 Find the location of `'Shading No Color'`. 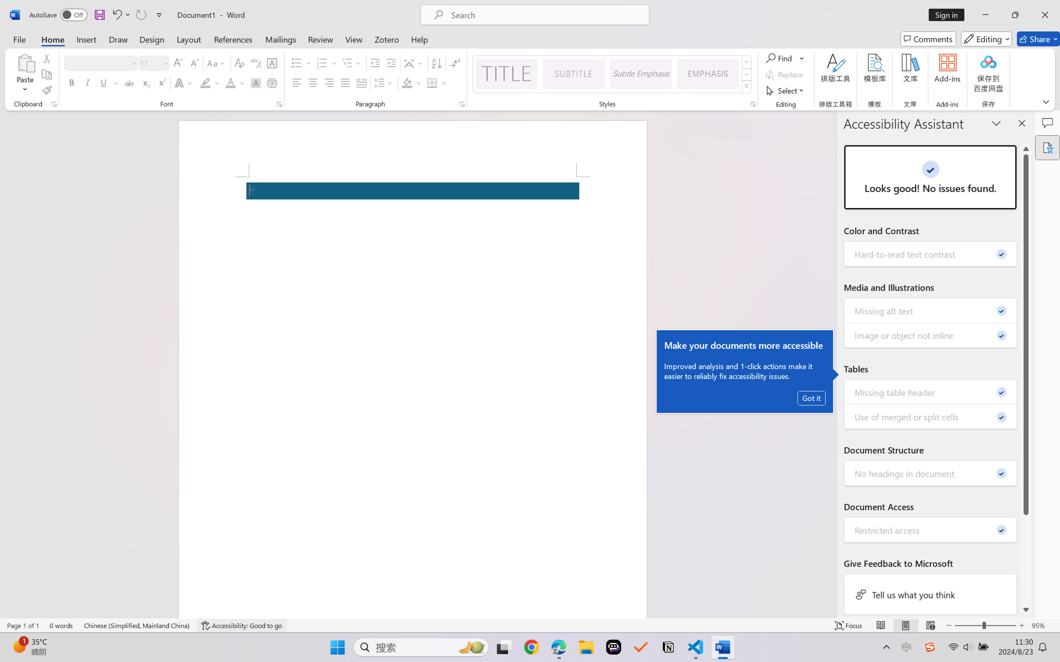

'Shading No Color' is located at coordinates (406, 82).